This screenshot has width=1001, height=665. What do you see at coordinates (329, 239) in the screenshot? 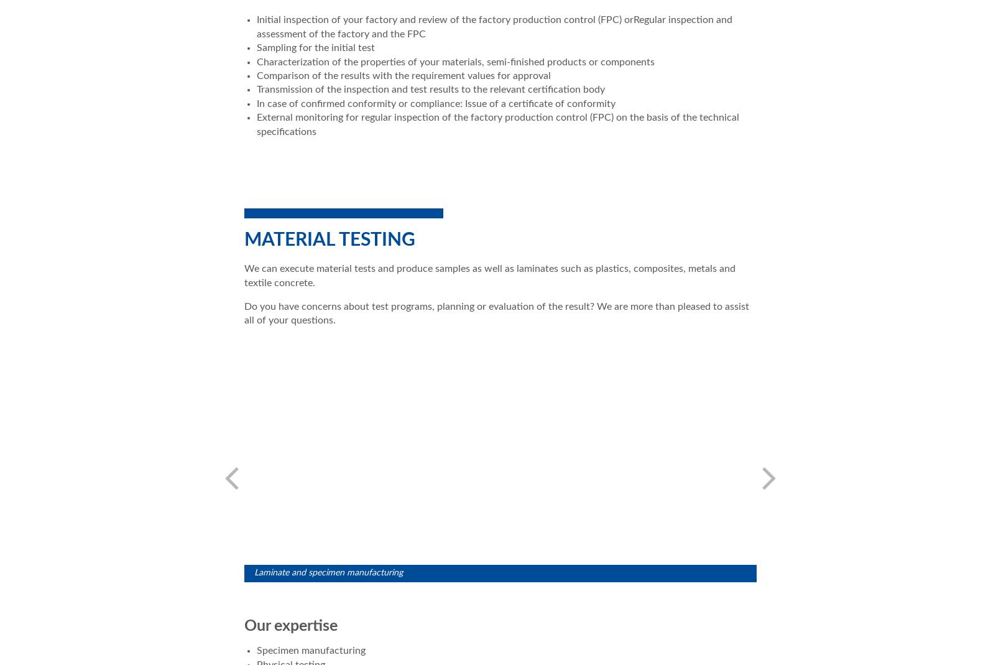
I see `'MATERIAL TESTING'` at bounding box center [329, 239].